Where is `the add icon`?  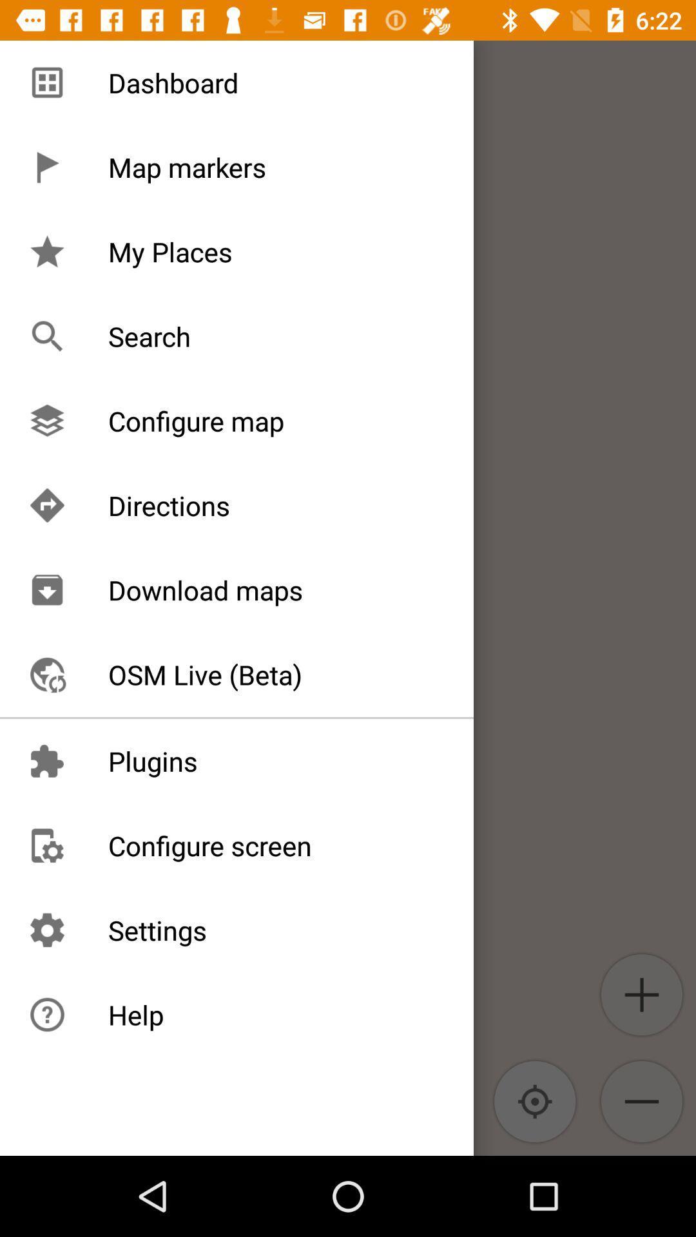 the add icon is located at coordinates (46, 87).